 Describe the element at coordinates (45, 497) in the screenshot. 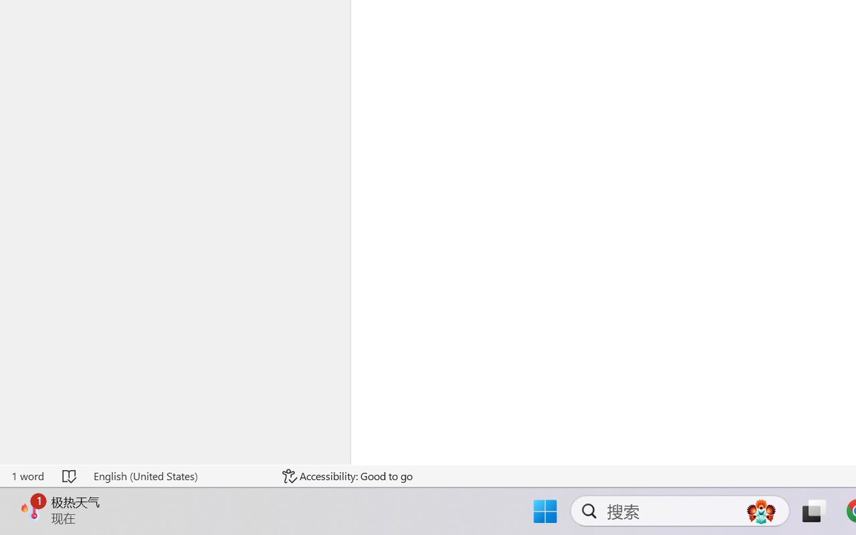

I see `'No Problems'` at that location.